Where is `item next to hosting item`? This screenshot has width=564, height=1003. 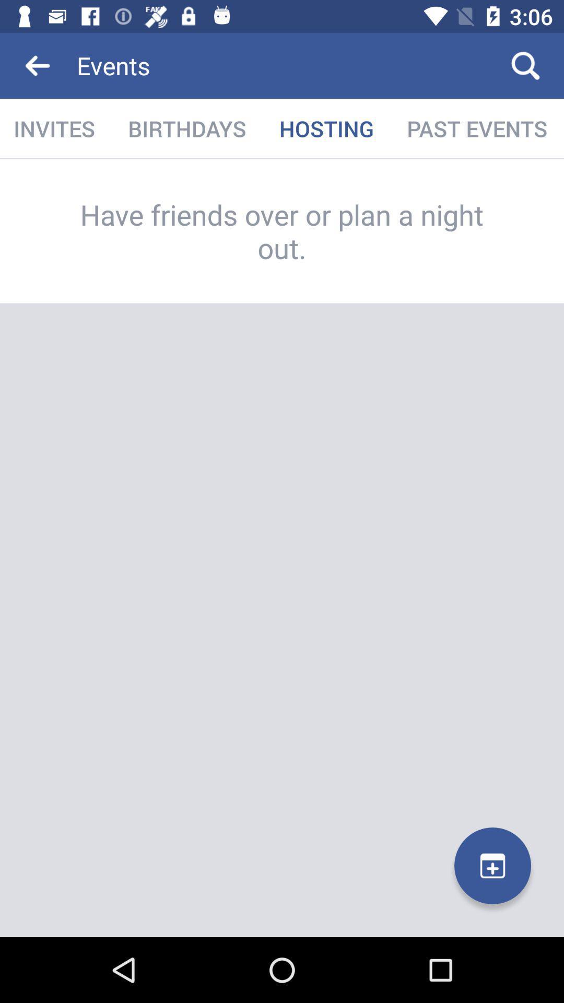 item next to hosting item is located at coordinates (186, 128).